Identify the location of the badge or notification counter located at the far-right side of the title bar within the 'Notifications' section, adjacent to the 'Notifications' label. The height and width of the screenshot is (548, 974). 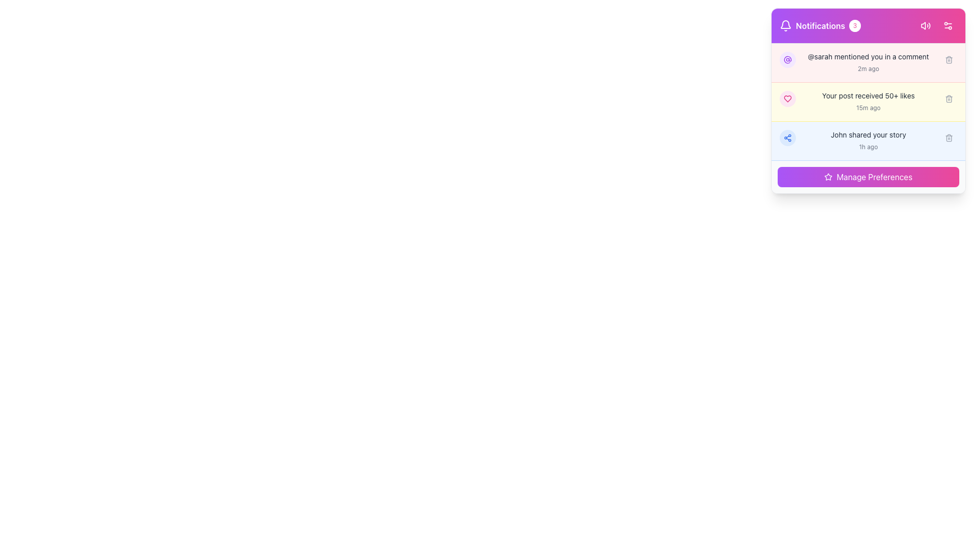
(854, 25).